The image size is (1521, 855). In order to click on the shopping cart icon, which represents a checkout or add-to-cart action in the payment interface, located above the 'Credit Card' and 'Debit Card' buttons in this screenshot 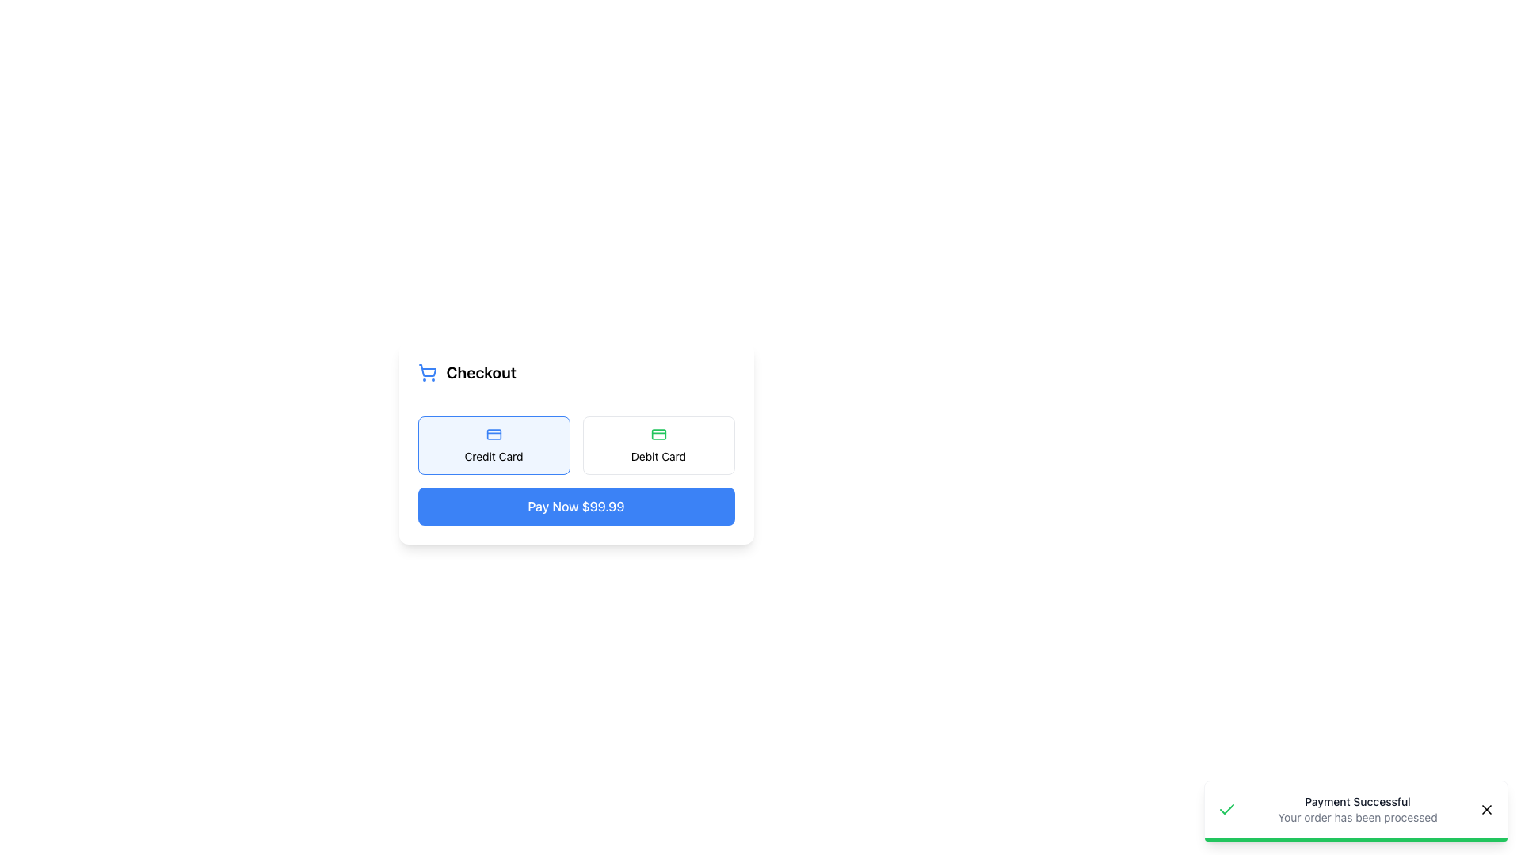, I will do `click(427, 370)`.